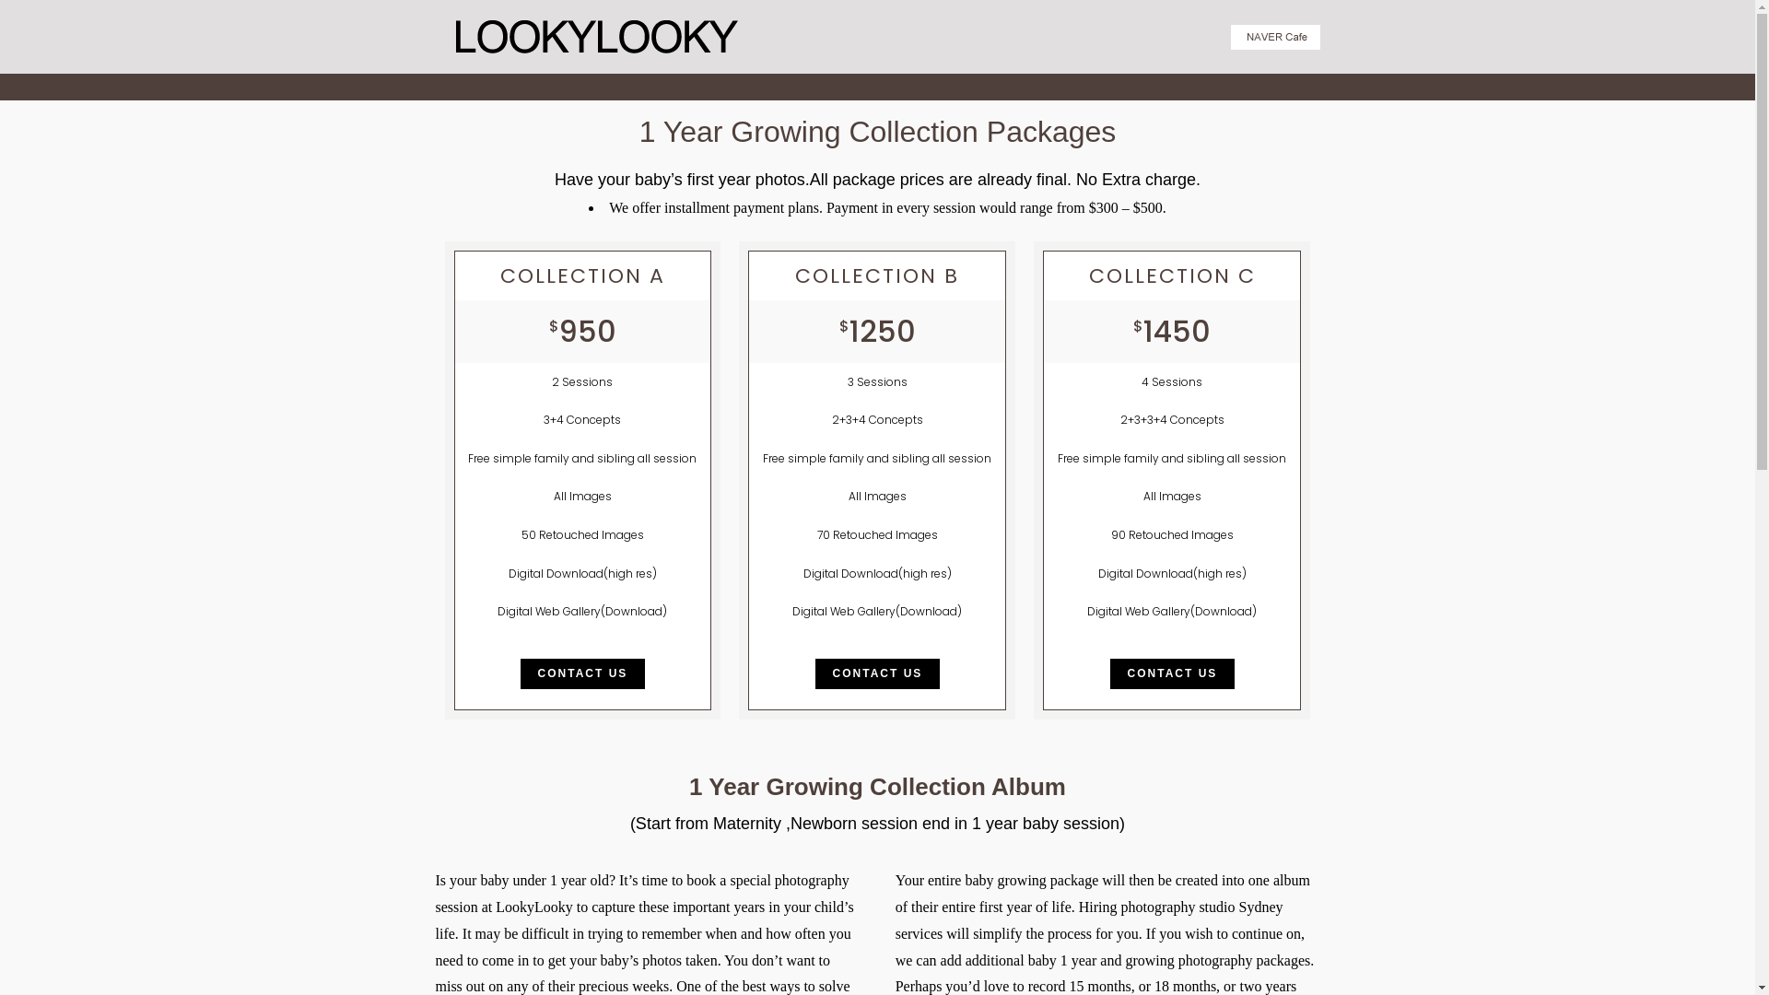 The height and width of the screenshot is (995, 1769). I want to click on 'CONTACT US', so click(1108, 673).